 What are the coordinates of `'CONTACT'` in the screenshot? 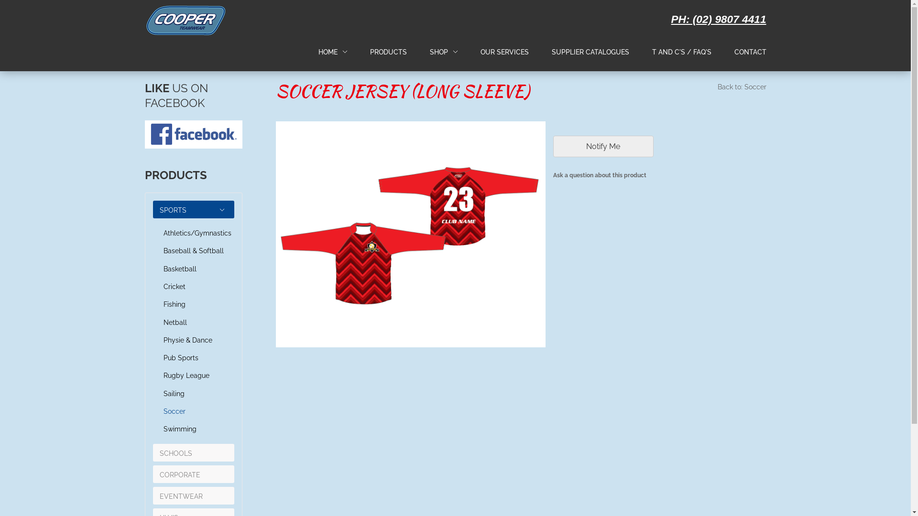 It's located at (734, 52).